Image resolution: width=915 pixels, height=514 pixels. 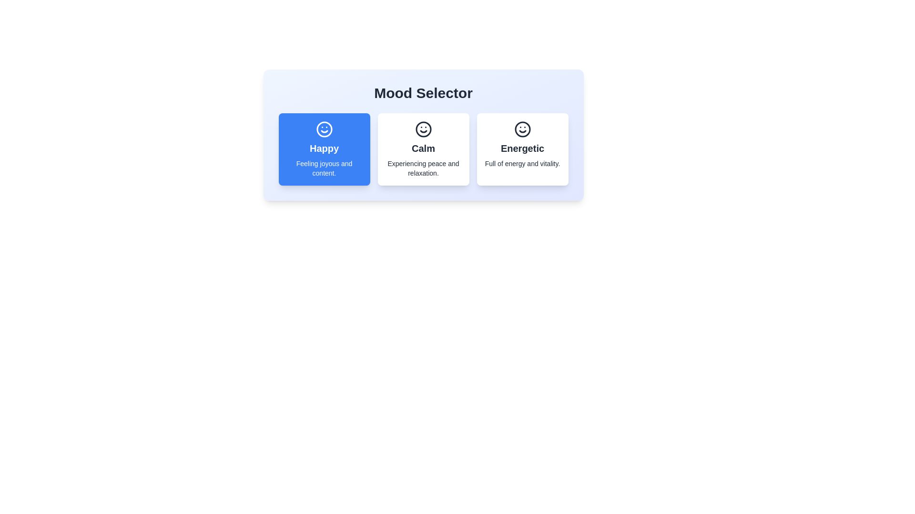 I want to click on the mood card corresponding to Happy, so click(x=324, y=149).